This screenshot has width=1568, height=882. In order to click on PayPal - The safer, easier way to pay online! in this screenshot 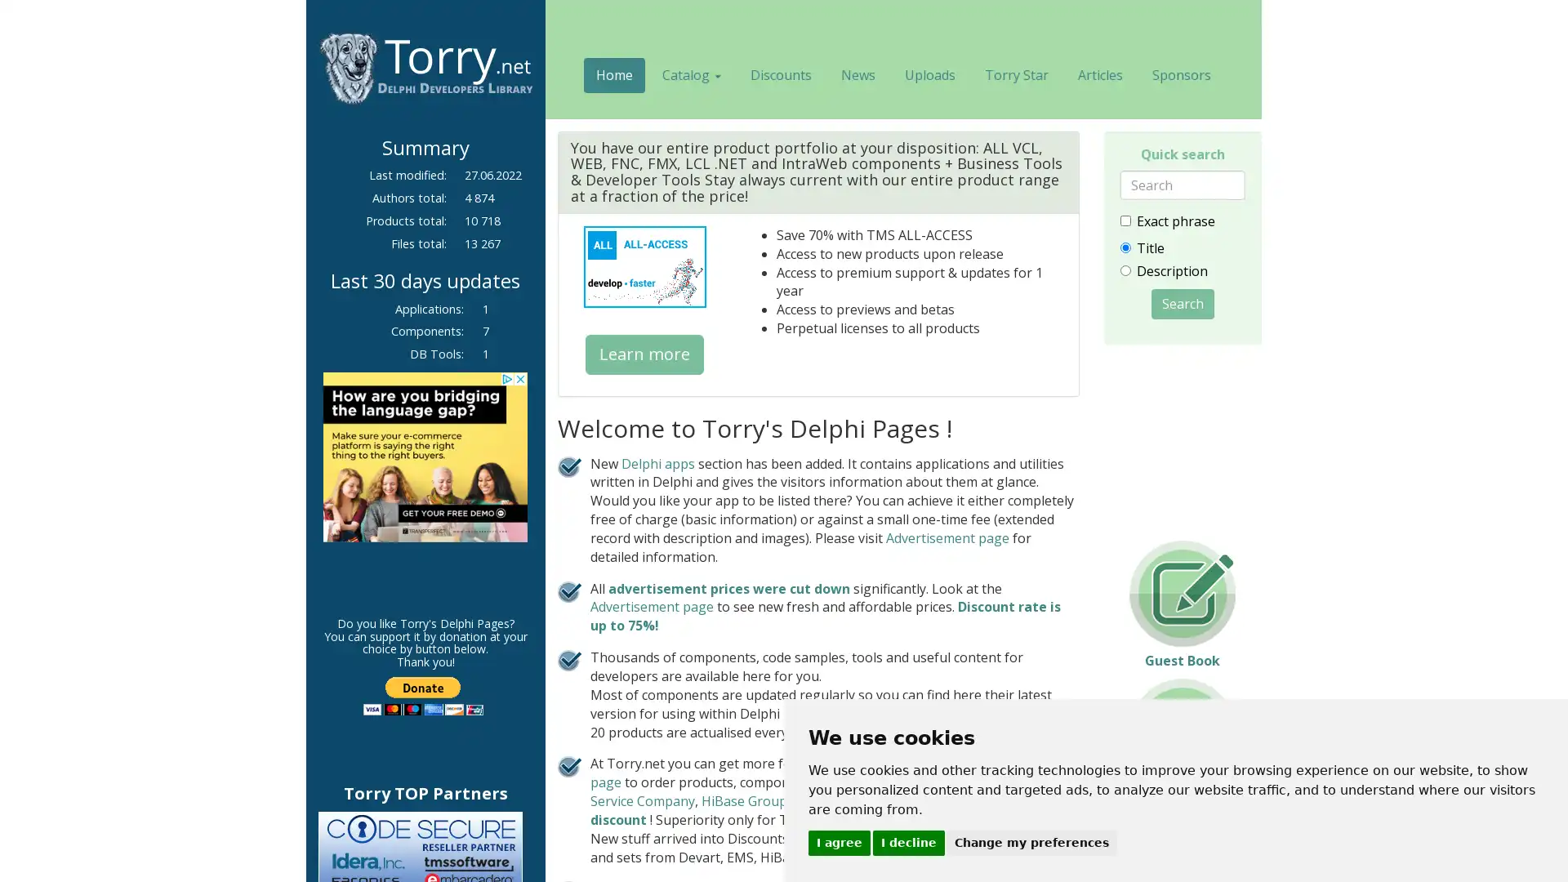, I will do `click(423, 696)`.